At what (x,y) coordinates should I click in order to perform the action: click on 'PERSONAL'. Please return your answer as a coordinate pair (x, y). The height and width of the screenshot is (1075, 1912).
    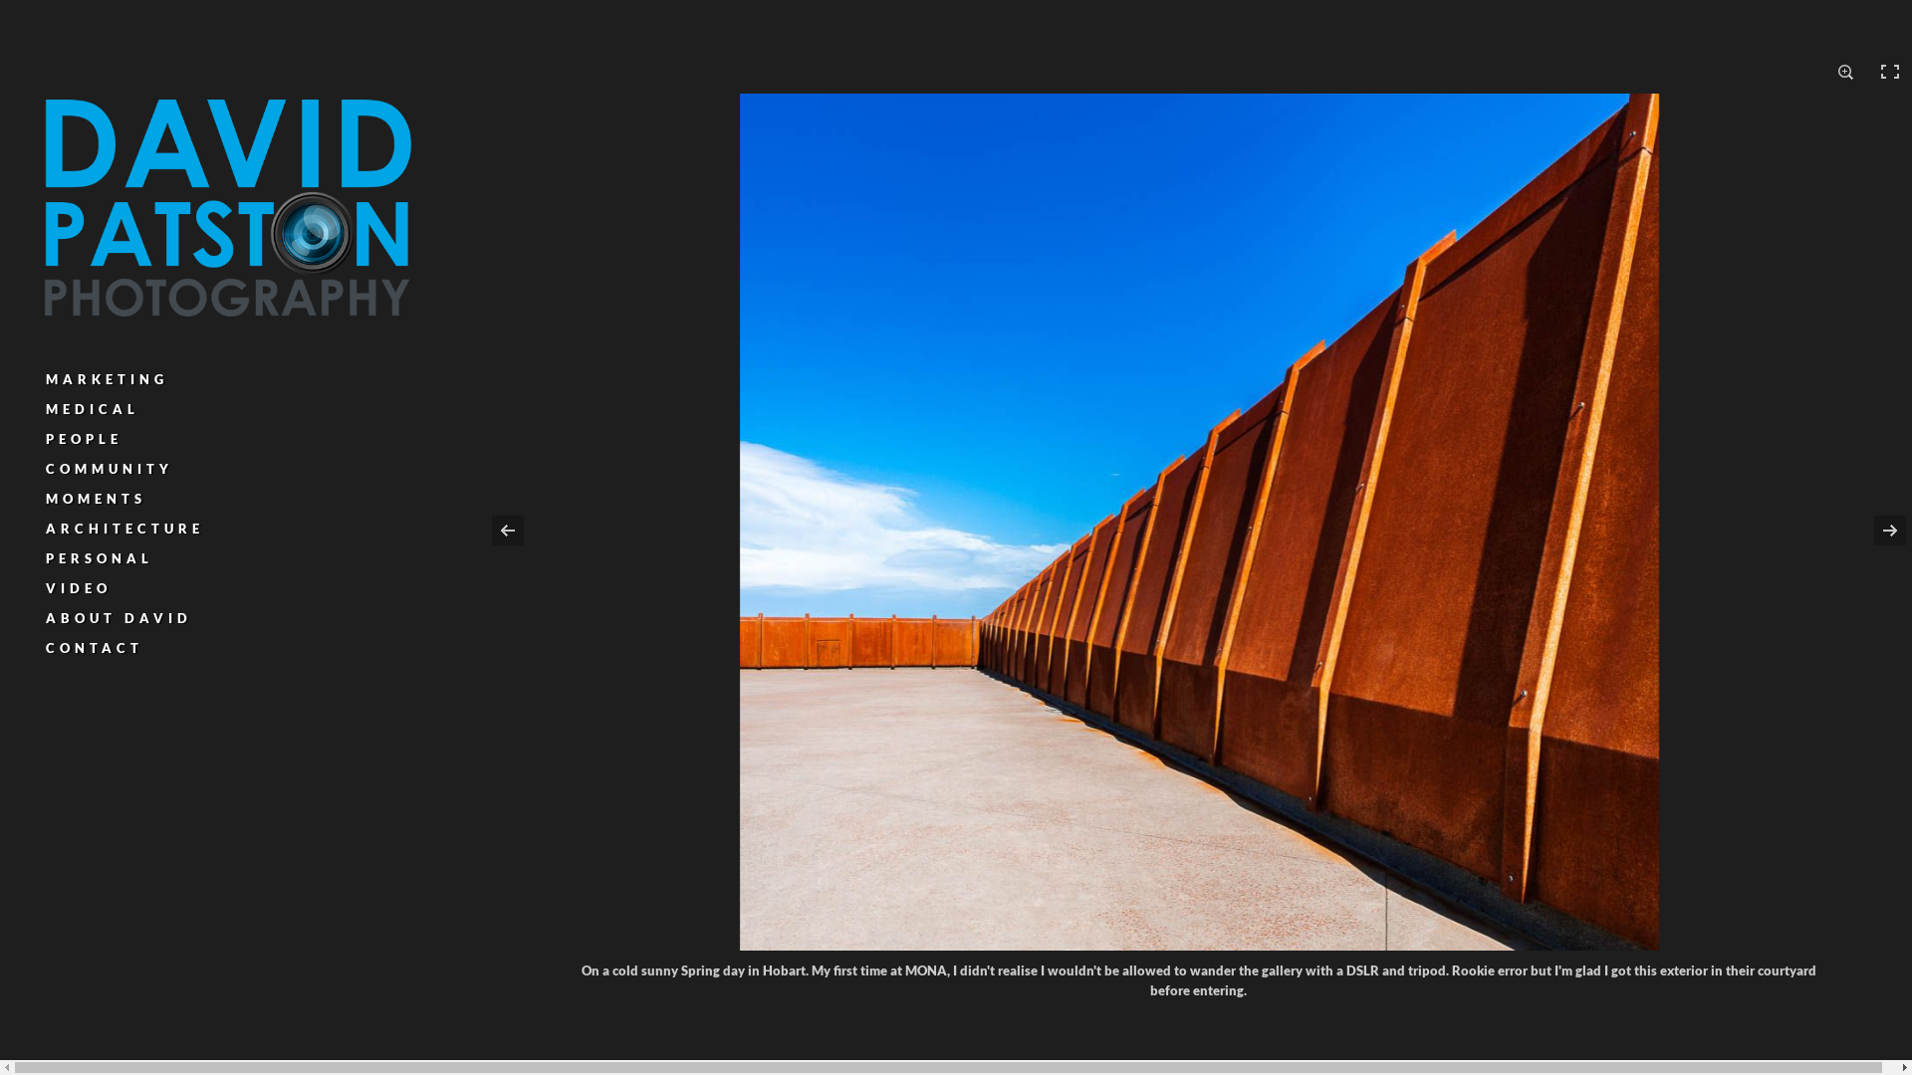
    Looking at the image, I should click on (99, 557).